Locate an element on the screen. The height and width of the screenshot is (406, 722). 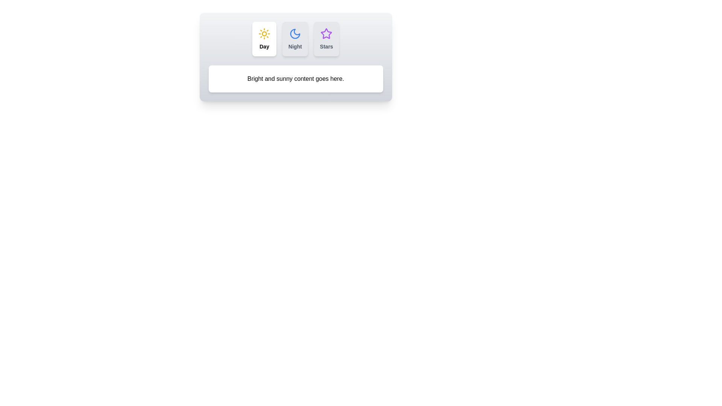
the tab labeled Night to switch its content is located at coordinates (294, 39).